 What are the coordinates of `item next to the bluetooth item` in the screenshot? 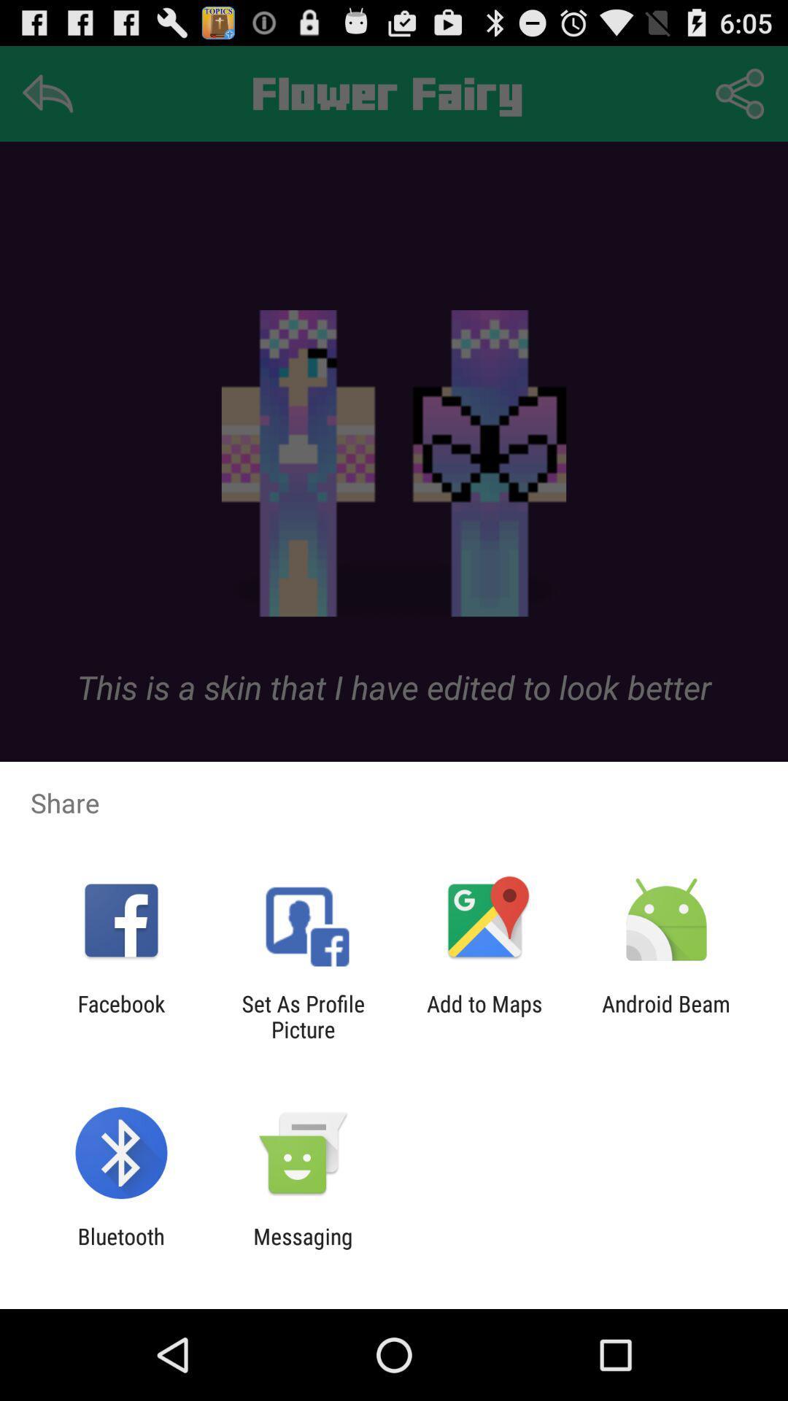 It's located at (302, 1248).